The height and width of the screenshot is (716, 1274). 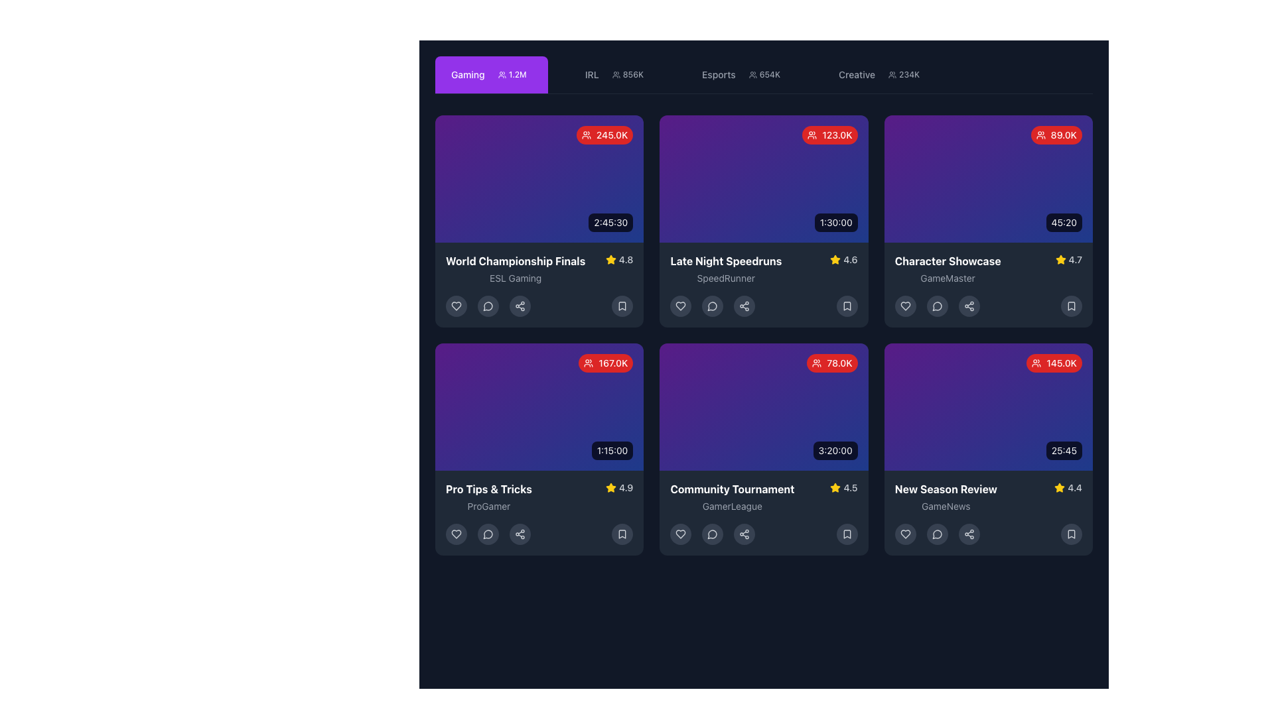 What do you see at coordinates (969, 306) in the screenshot?
I see `the share icon button, which resembles a network node with interconnected circles and lines, located under the 'Character Showcase' card in the second row and third column of the grid` at bounding box center [969, 306].